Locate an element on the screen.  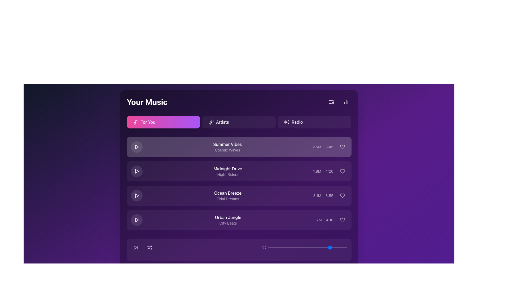
the slider is located at coordinates (282, 247).